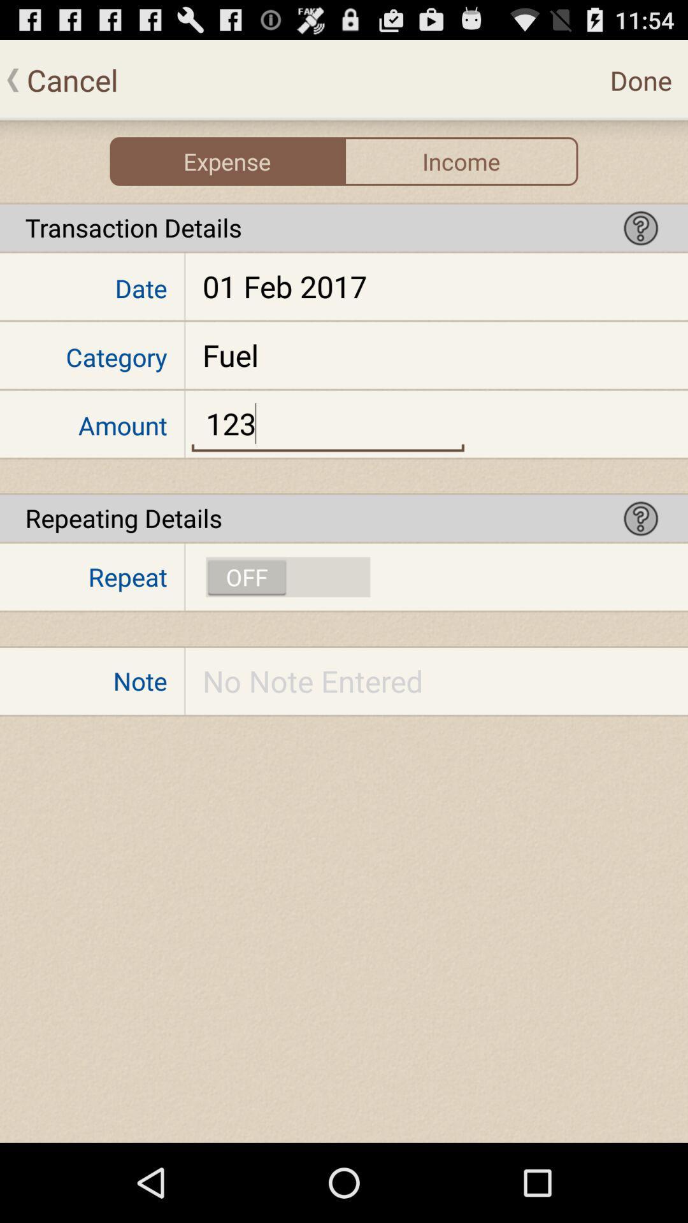  I want to click on help icon, so click(641, 227).